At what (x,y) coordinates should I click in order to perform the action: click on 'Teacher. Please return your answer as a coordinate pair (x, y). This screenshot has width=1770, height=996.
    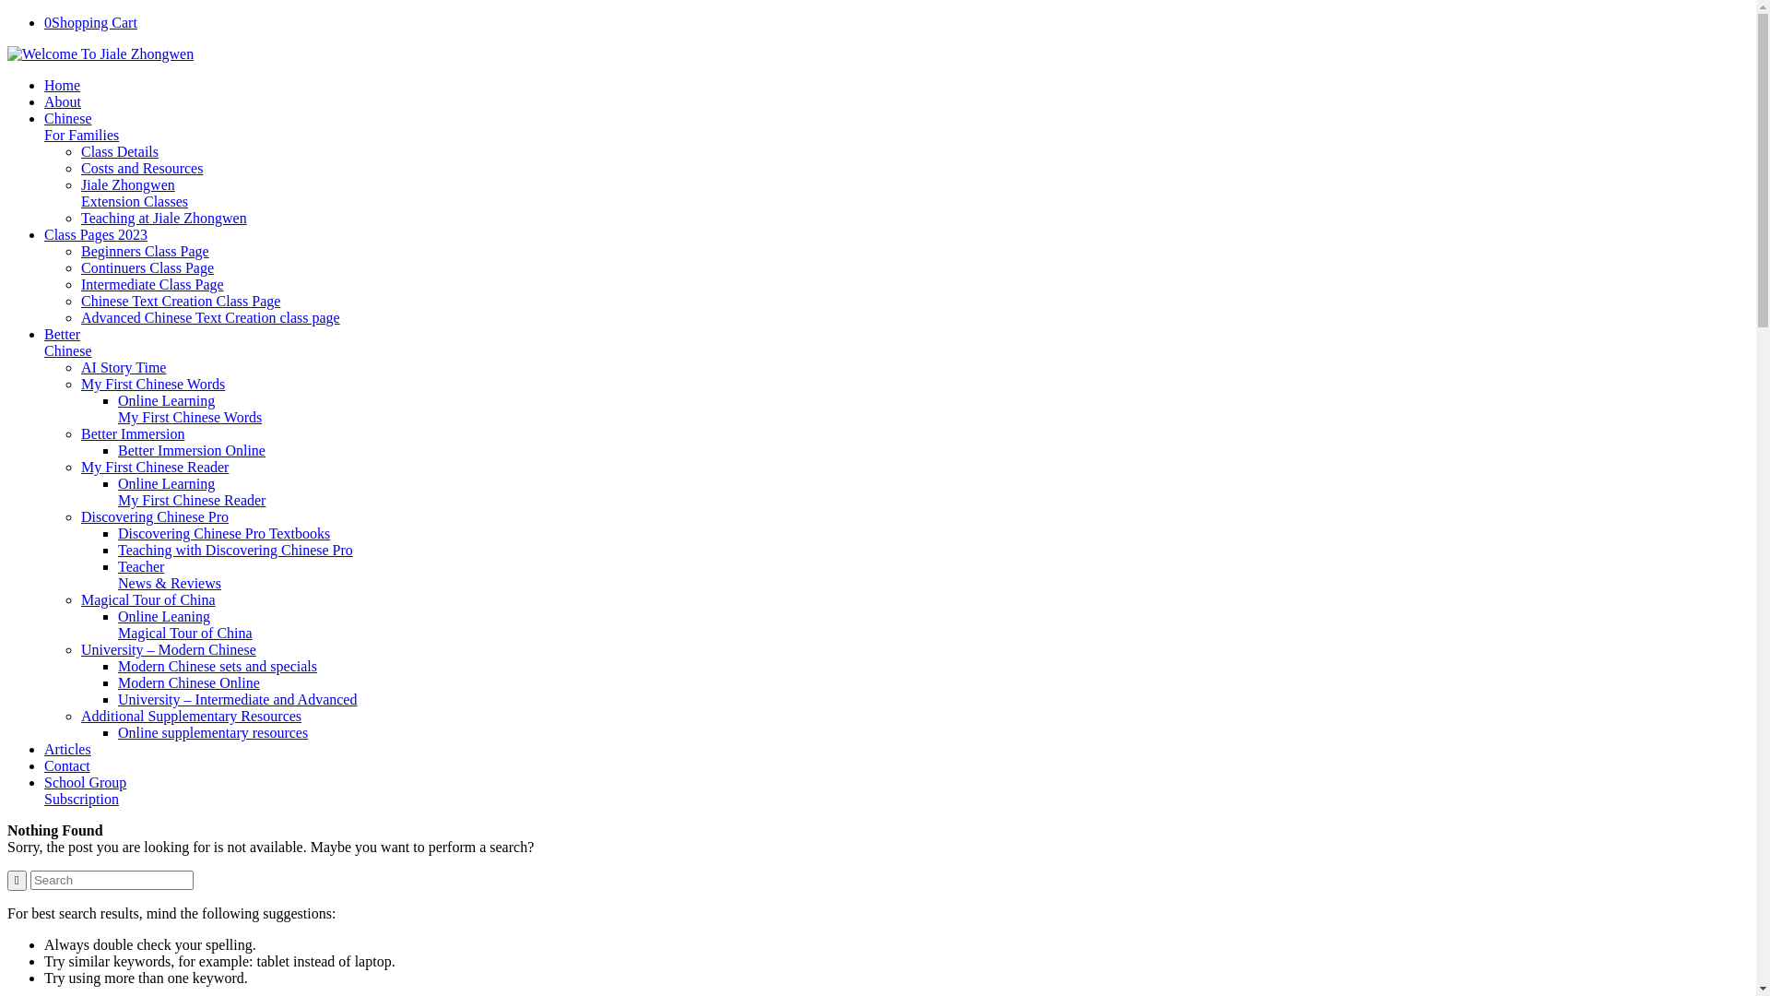
    Looking at the image, I should click on (169, 574).